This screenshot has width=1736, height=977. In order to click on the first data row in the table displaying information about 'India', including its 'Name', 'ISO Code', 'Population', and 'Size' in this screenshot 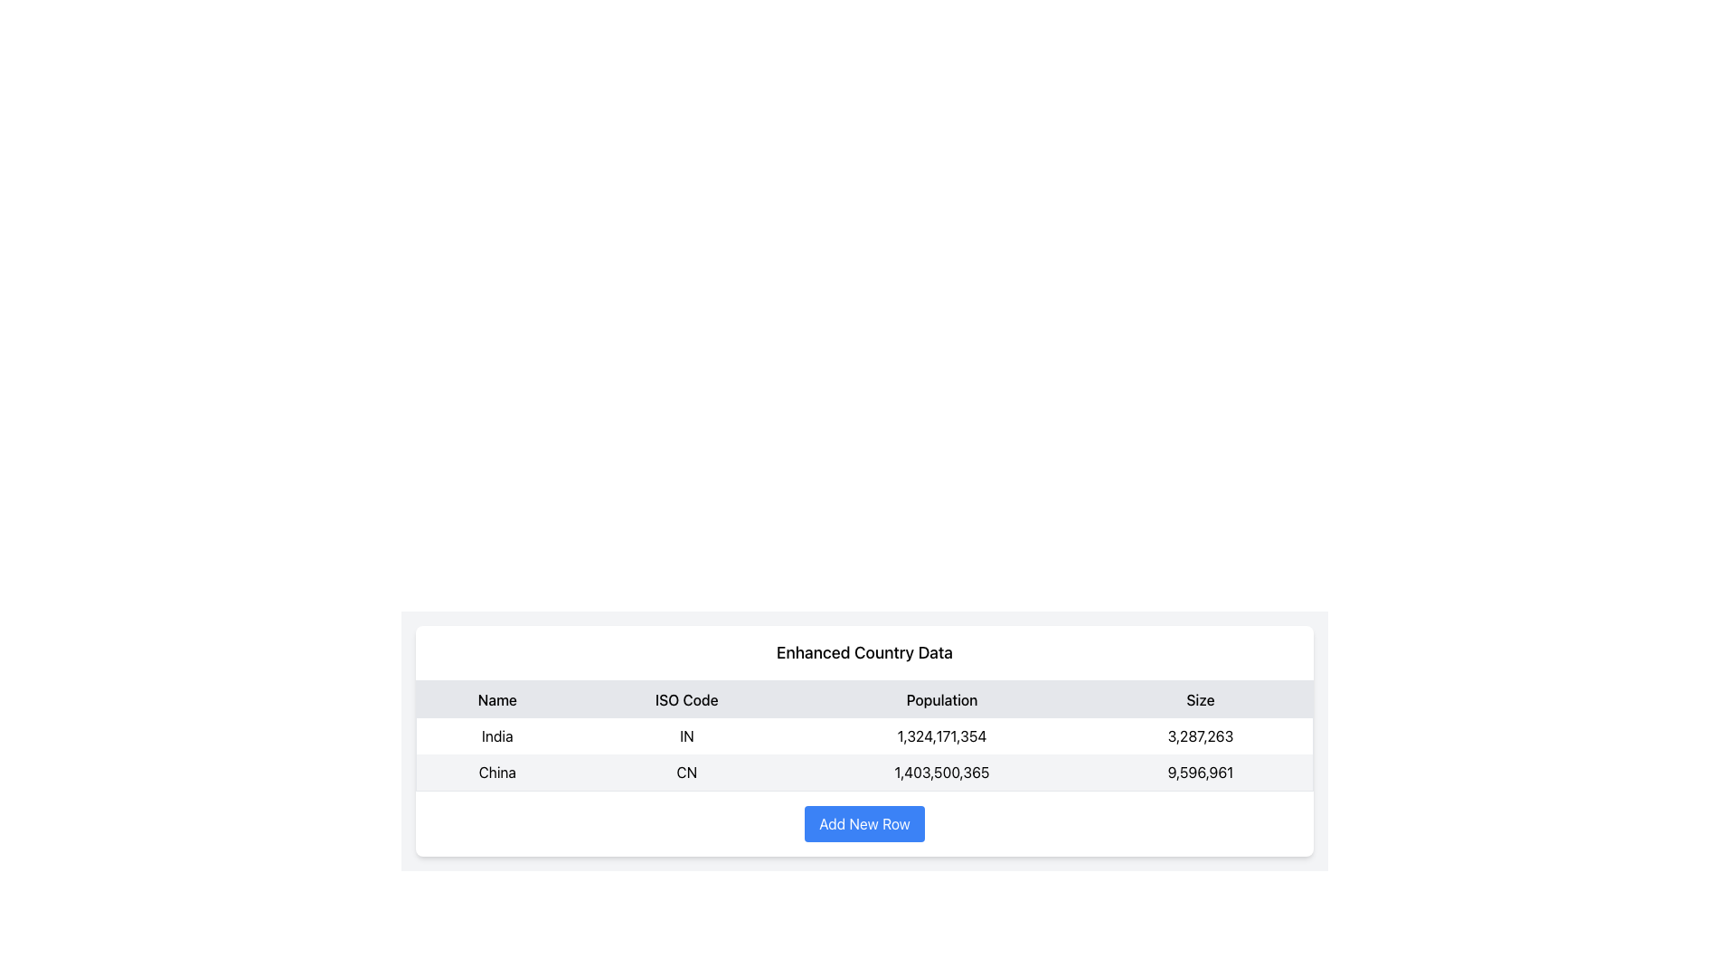, I will do `click(863, 754)`.